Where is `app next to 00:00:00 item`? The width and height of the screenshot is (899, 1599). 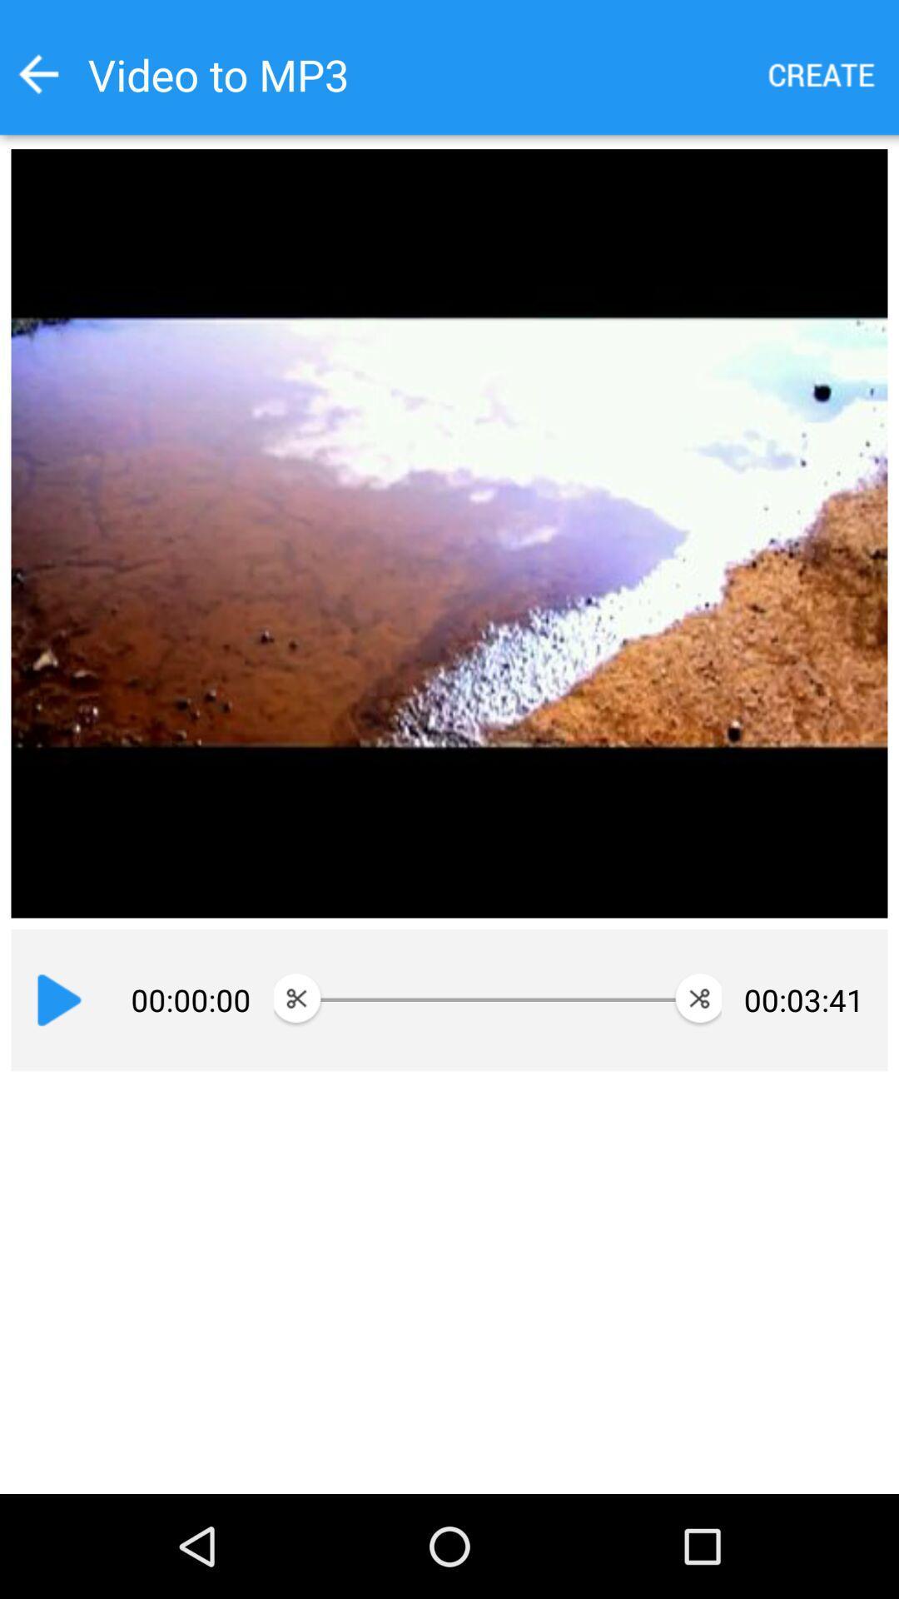
app next to 00:00:00 item is located at coordinates (58, 999).